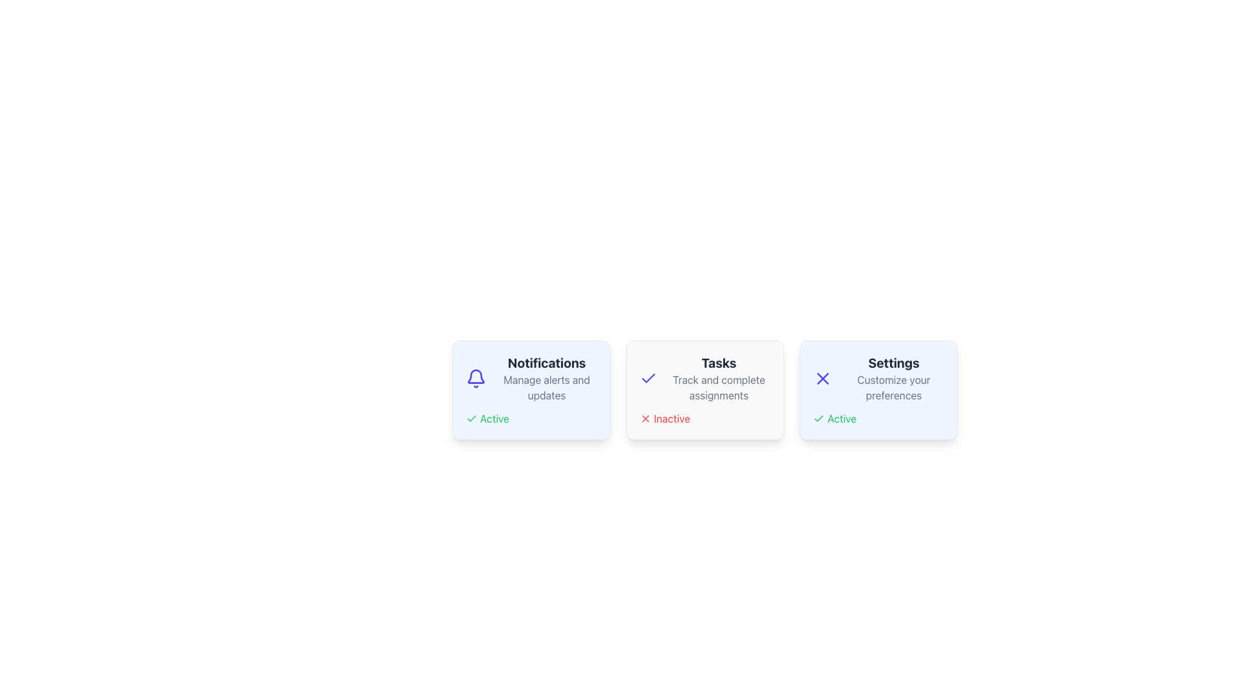 The image size is (1241, 698). What do you see at coordinates (718, 378) in the screenshot?
I see `the 'Tasks' label and description group, which includes the main title in bold black font and a subtitle in smaller gray font, located centrally in the row of three cards` at bounding box center [718, 378].